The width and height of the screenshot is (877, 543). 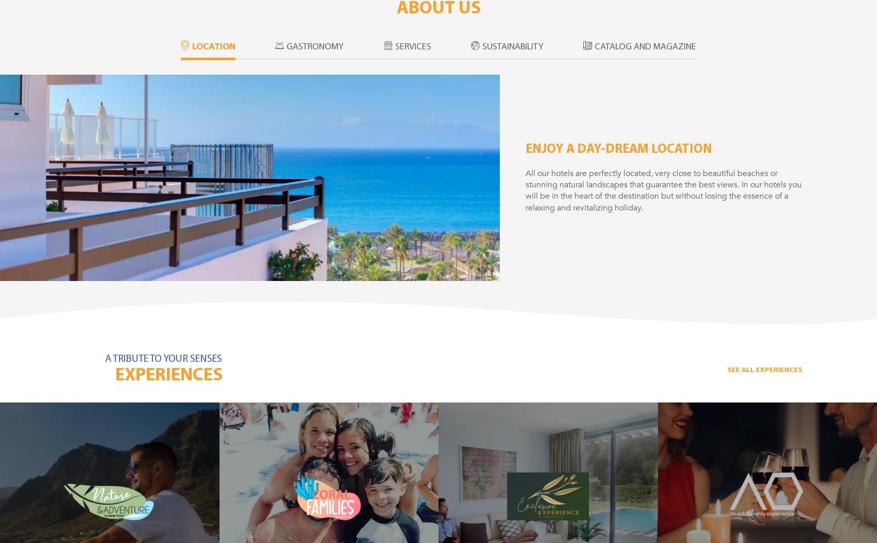 I want to click on 'SEE ALL EXPERIENCES', so click(x=727, y=370).